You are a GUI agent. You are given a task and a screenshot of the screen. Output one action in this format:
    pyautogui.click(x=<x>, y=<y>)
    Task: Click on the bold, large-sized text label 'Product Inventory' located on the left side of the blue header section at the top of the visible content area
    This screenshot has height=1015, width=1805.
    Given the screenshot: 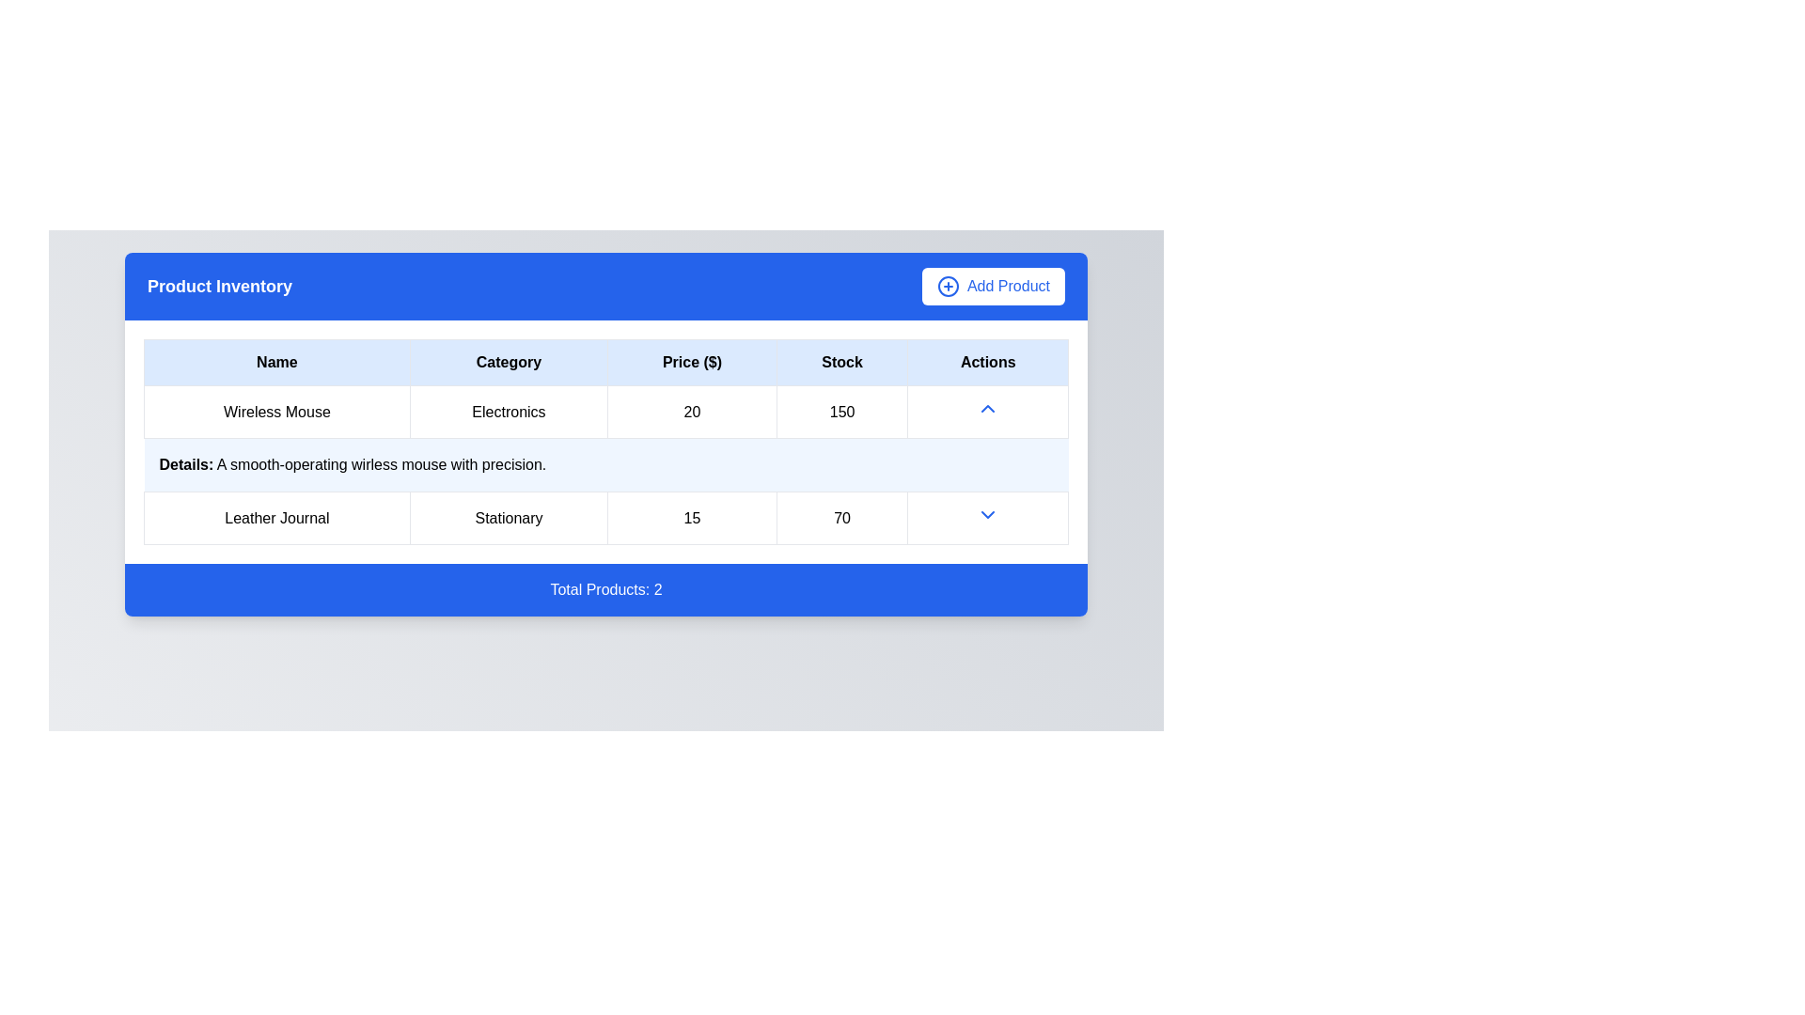 What is the action you would take?
    pyautogui.click(x=220, y=286)
    